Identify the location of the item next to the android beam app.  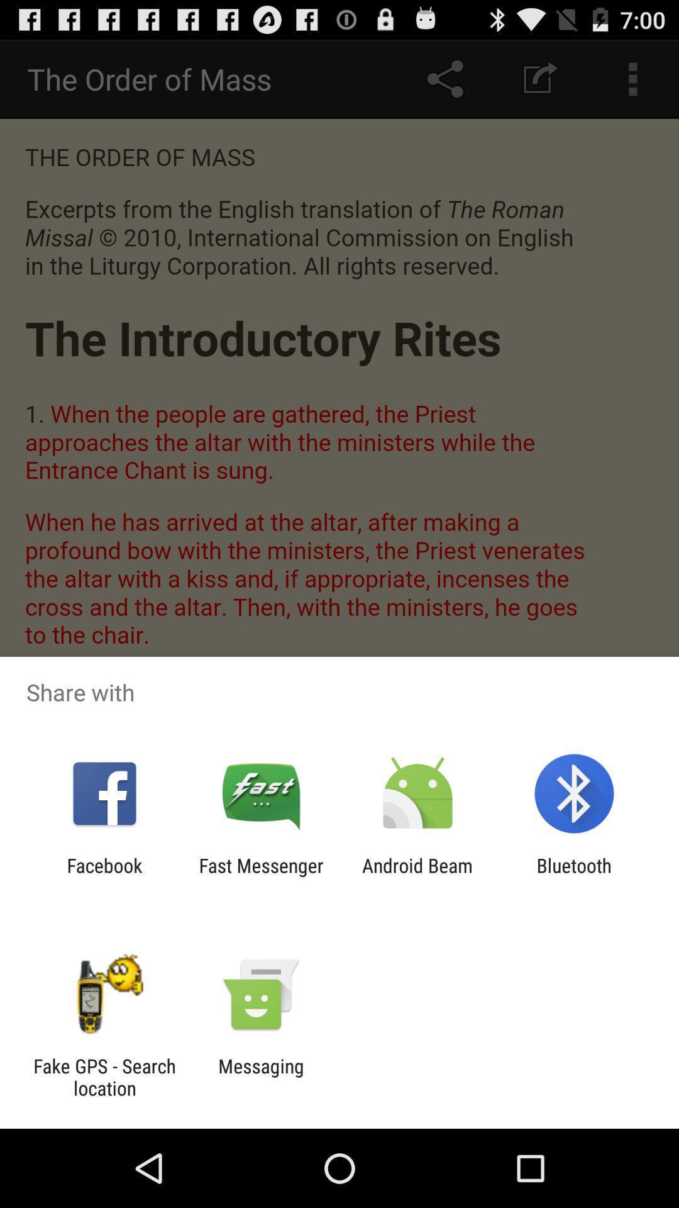
(574, 876).